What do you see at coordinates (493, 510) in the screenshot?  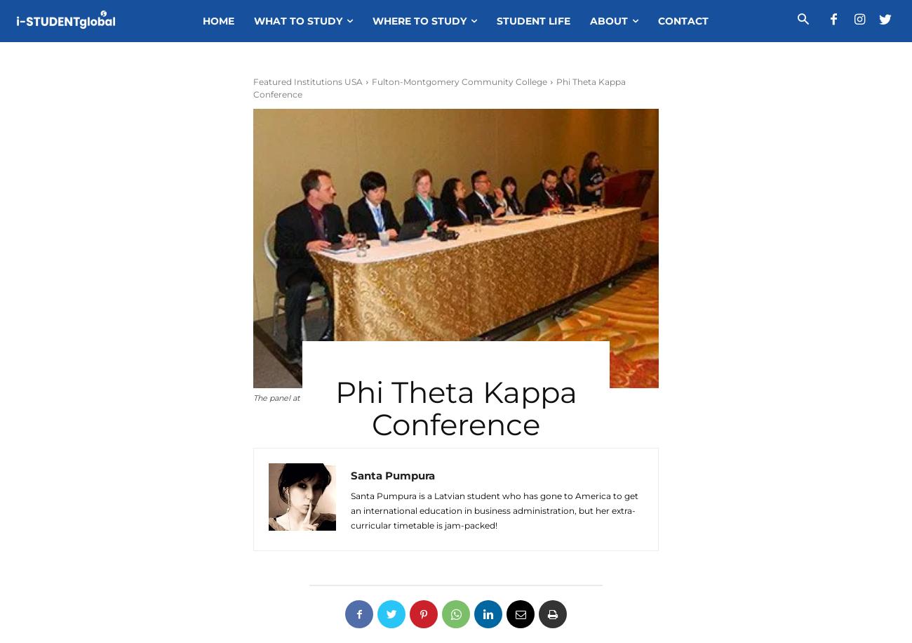 I see `'Santa Pumpura is a Latvian student who has gone to America to get an international education in business administration, but her extra-curricular timetable is jam-packed!'` at bounding box center [493, 510].